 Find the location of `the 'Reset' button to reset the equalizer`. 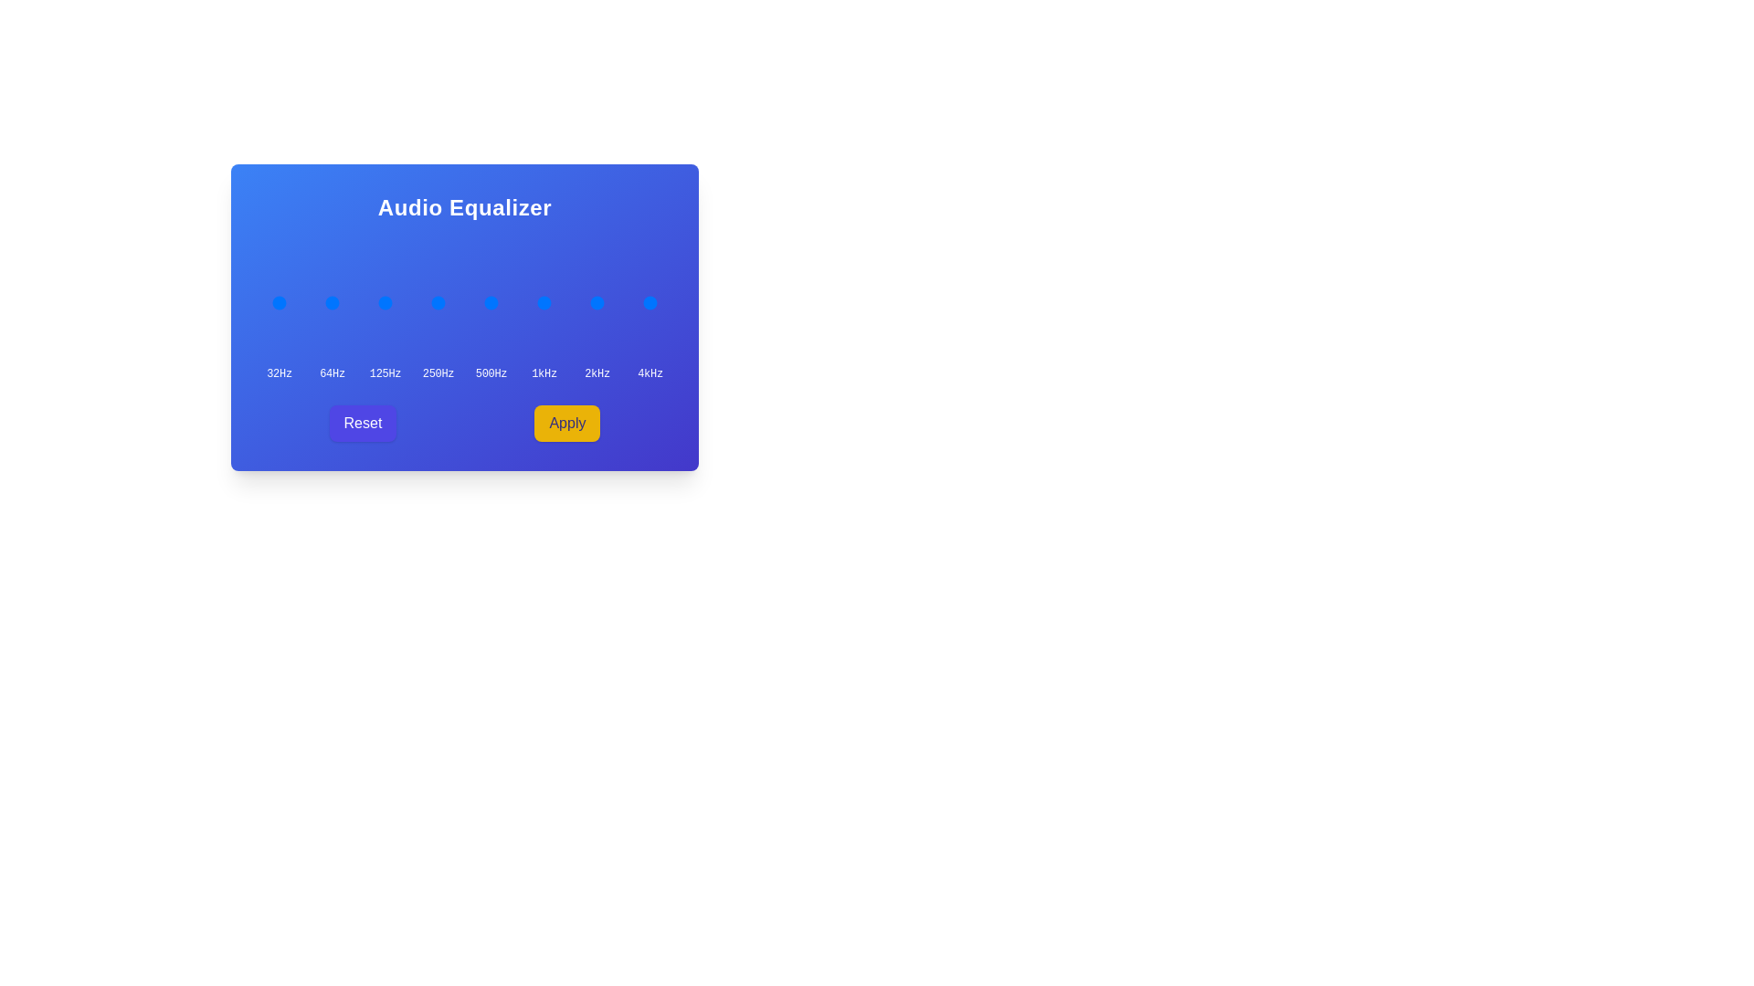

the 'Reset' button to reset the equalizer is located at coordinates (363, 423).